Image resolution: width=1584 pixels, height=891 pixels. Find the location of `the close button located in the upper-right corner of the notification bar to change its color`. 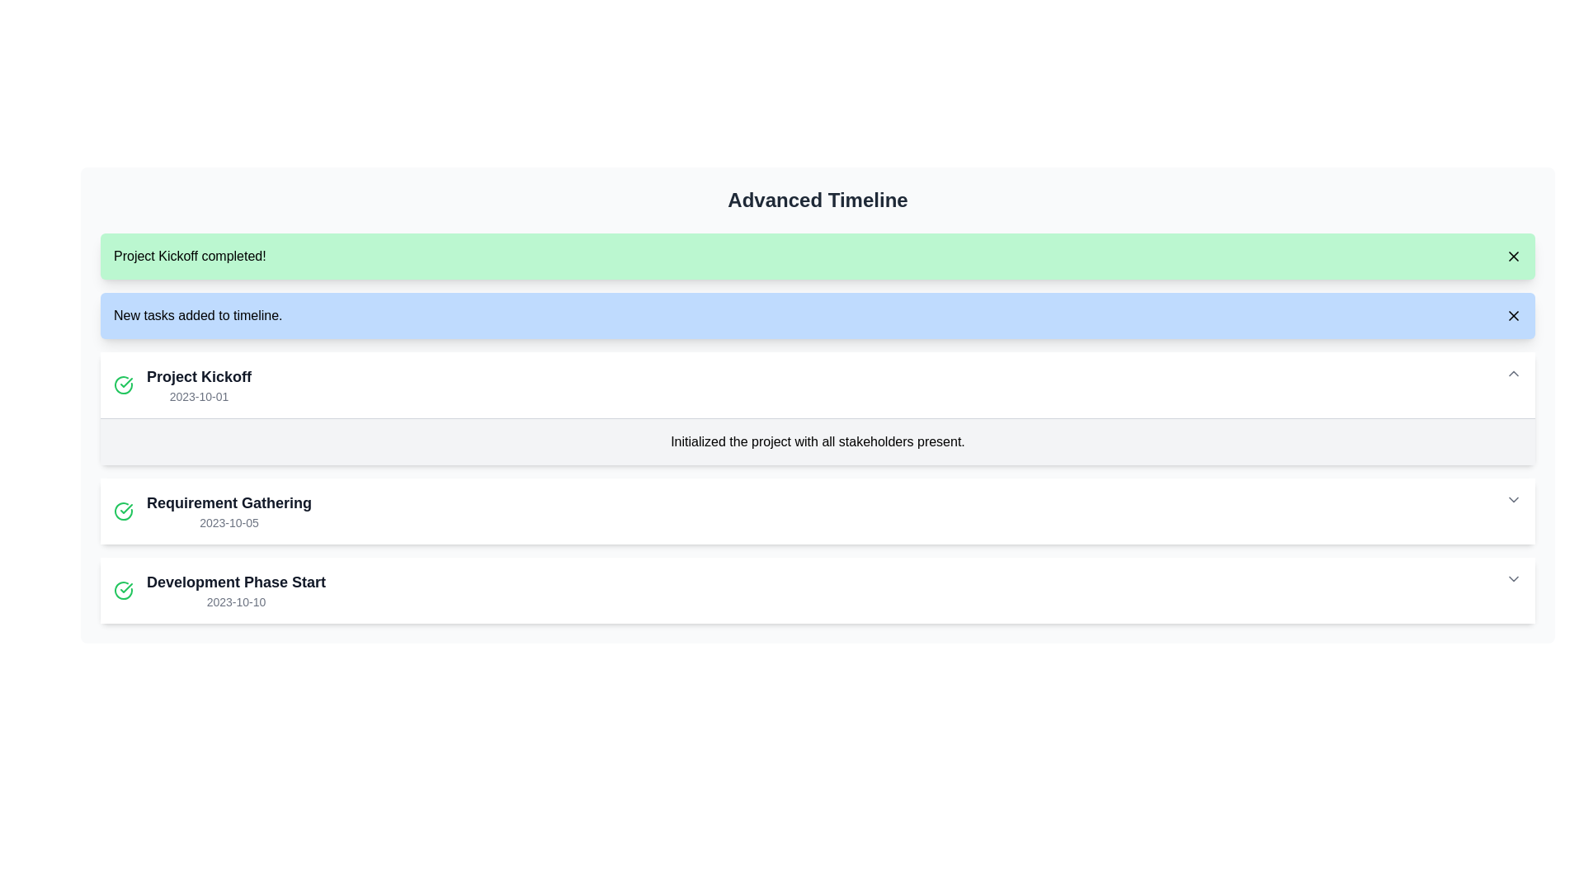

the close button located in the upper-right corner of the notification bar to change its color is located at coordinates (1513, 257).